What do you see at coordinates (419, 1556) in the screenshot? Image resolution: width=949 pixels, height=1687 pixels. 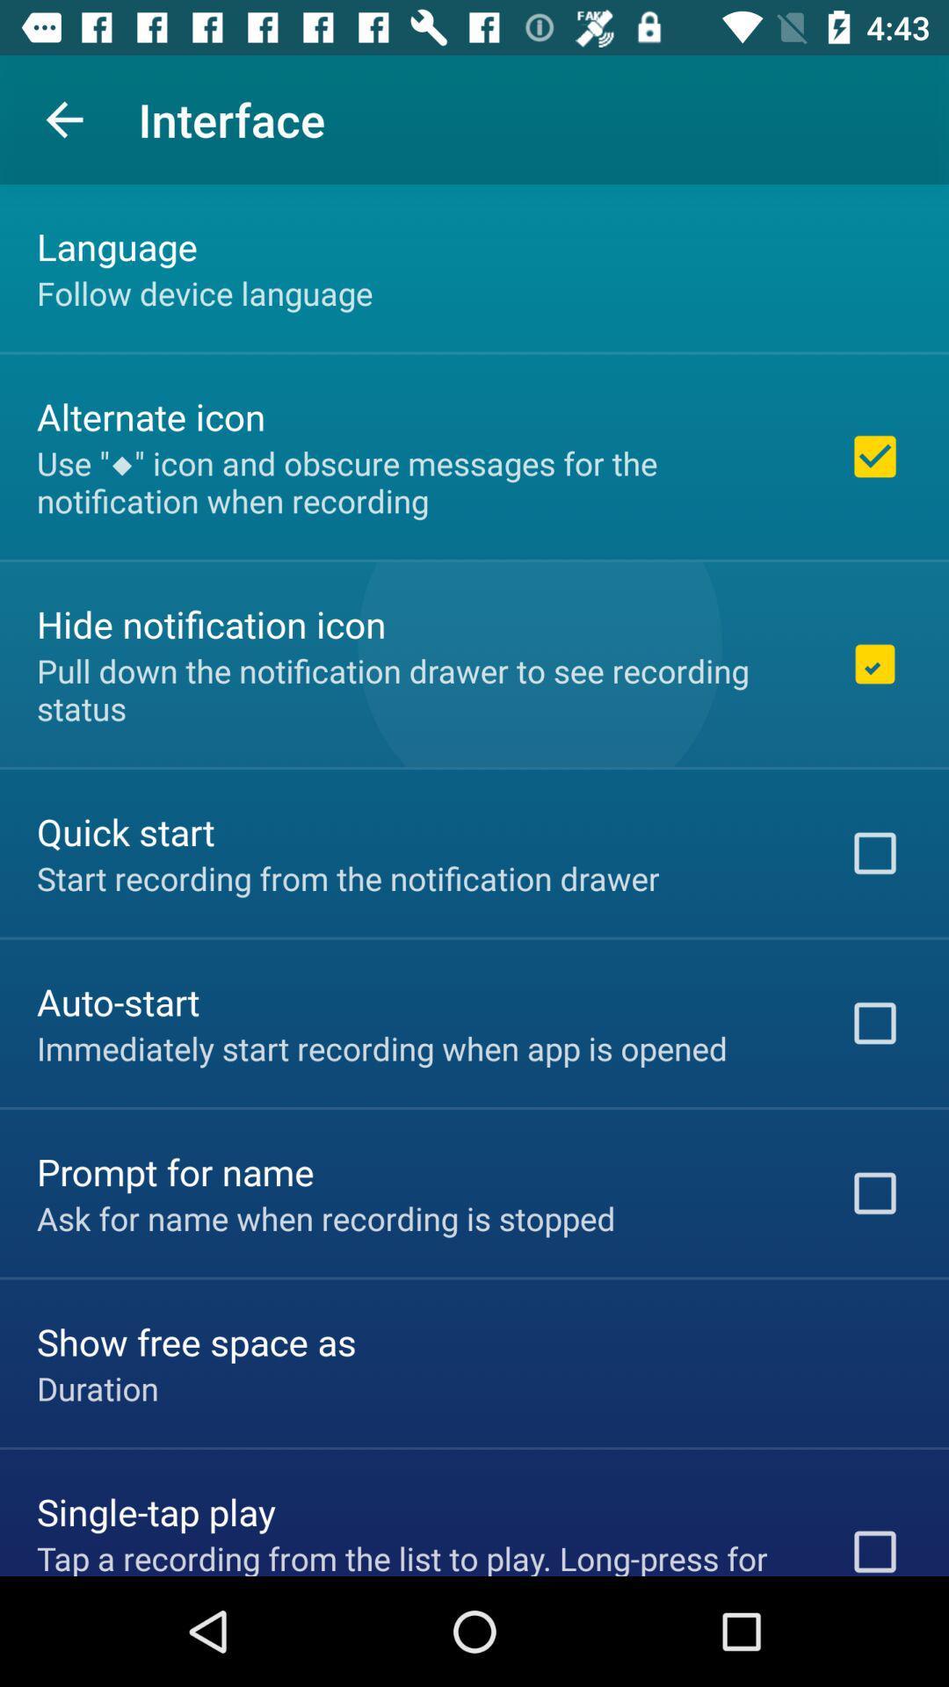 I see `the item below the single-tap play icon` at bounding box center [419, 1556].